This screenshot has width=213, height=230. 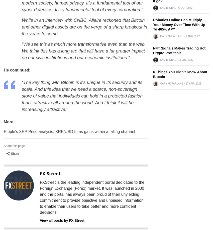 I want to click on '6 Things You Didn’t Know About Bitcoin', so click(x=180, y=74).